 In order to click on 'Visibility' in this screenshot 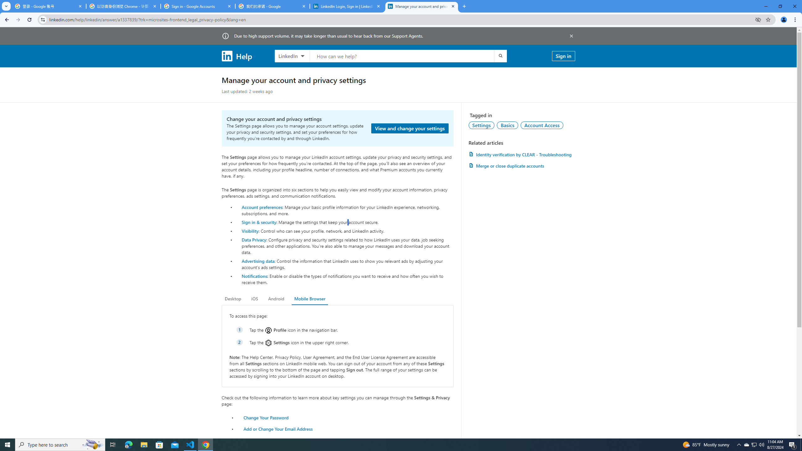, I will do `click(250, 231)`.